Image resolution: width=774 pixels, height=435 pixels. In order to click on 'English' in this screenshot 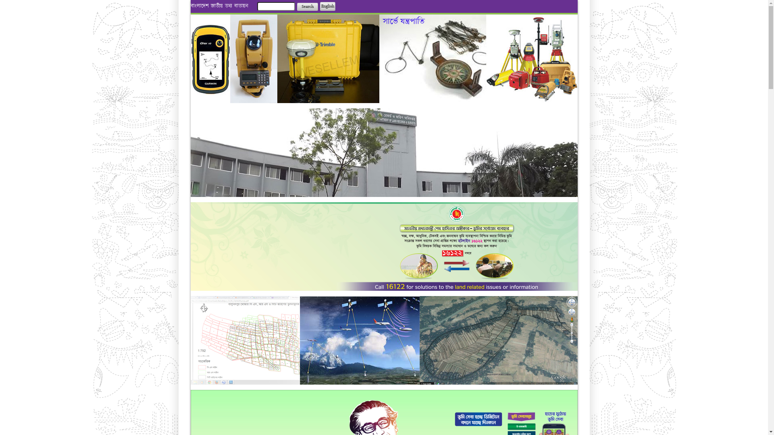, I will do `click(327, 6)`.